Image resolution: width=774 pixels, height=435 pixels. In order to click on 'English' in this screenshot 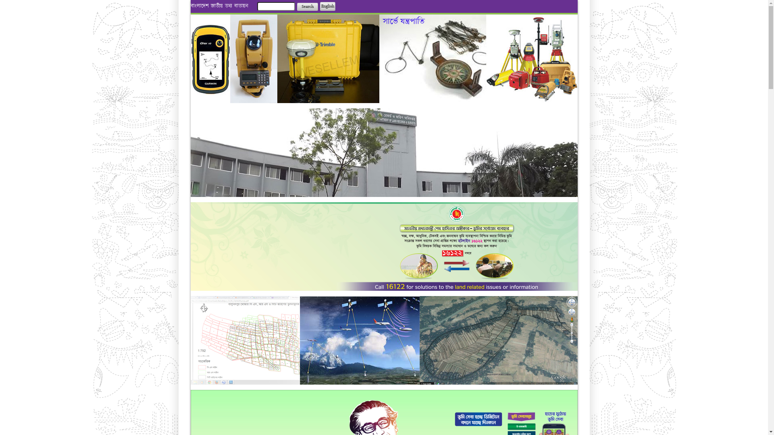, I will do `click(327, 6)`.